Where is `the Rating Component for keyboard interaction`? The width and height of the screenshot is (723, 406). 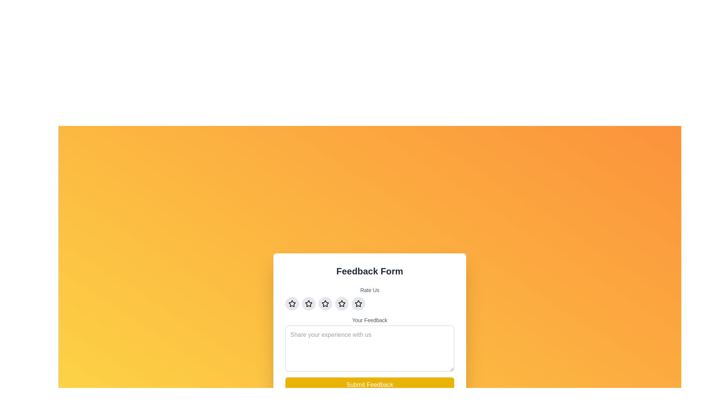
the Rating Component for keyboard interaction is located at coordinates (370, 303).